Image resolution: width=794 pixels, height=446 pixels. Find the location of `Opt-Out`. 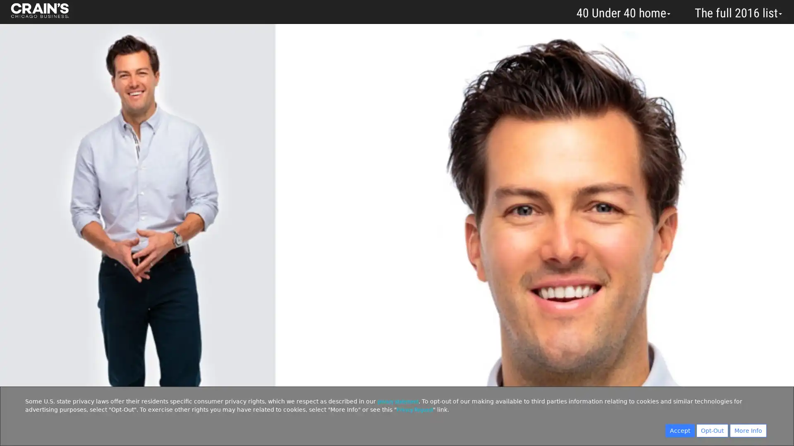

Opt-Out is located at coordinates (712, 430).